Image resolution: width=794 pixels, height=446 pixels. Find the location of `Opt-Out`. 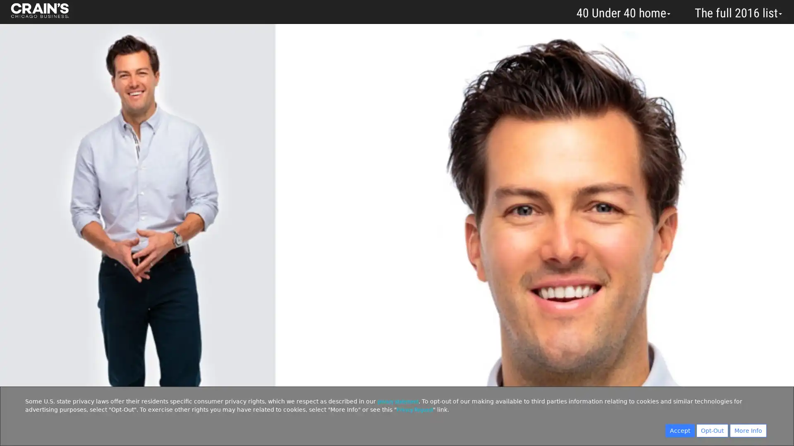

Opt-Out is located at coordinates (712, 430).